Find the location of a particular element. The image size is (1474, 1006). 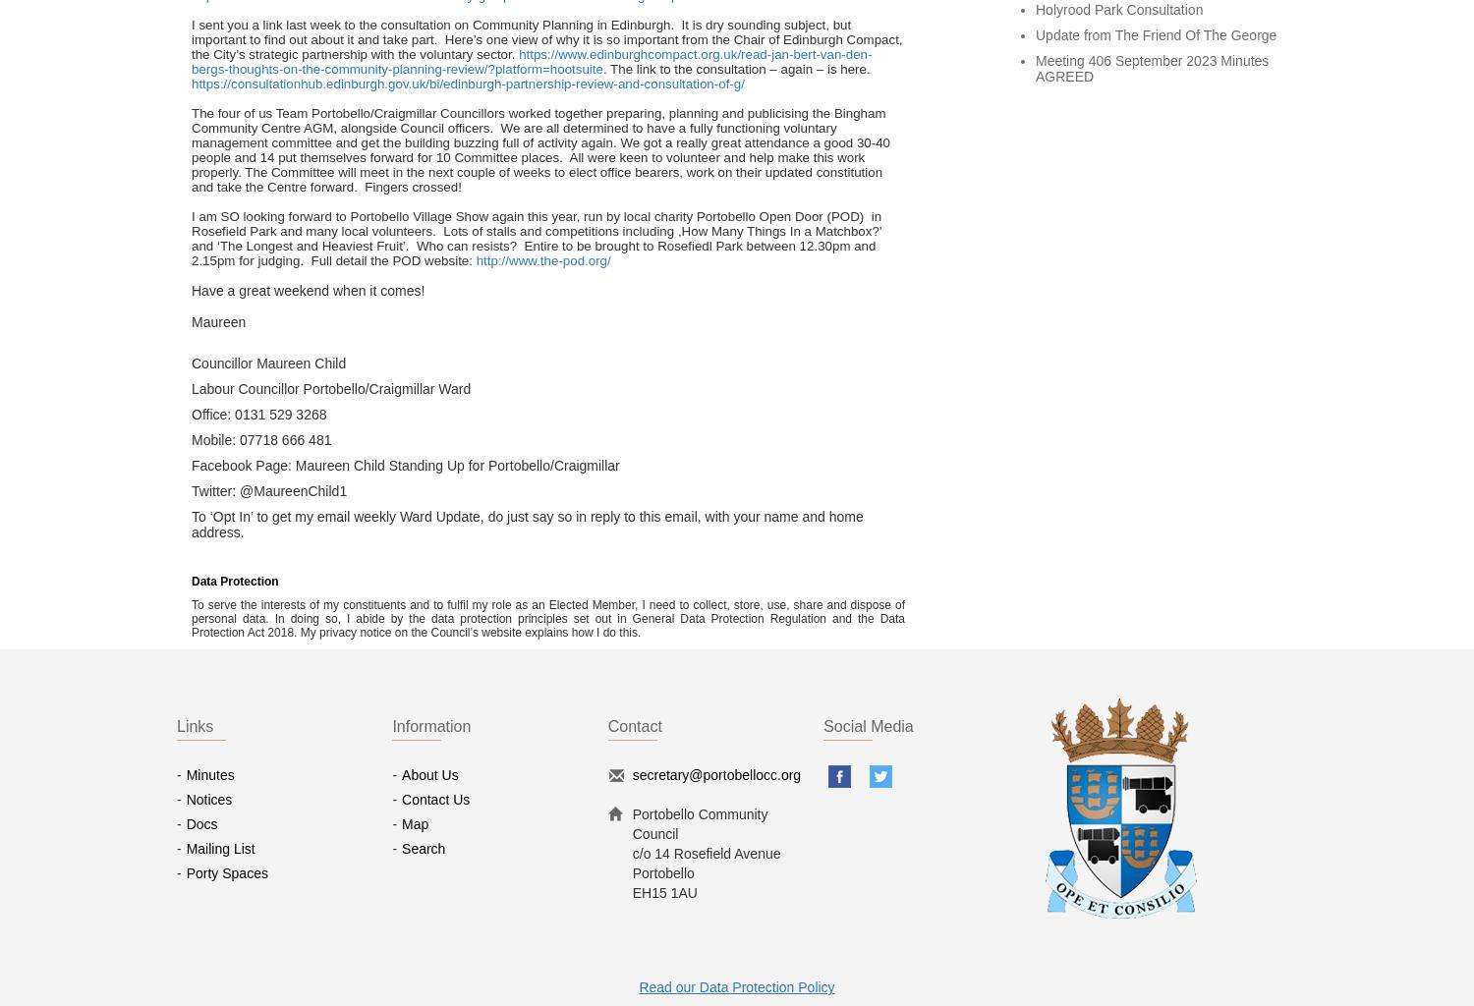

'Maureen' is located at coordinates (191, 320).